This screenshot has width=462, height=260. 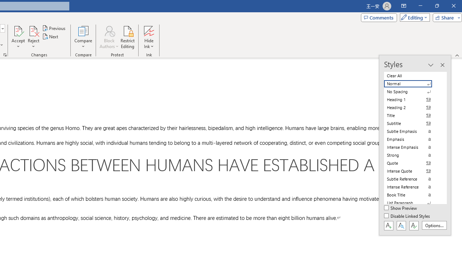 What do you see at coordinates (412, 131) in the screenshot?
I see `'Subtle Emphasis'` at bounding box center [412, 131].